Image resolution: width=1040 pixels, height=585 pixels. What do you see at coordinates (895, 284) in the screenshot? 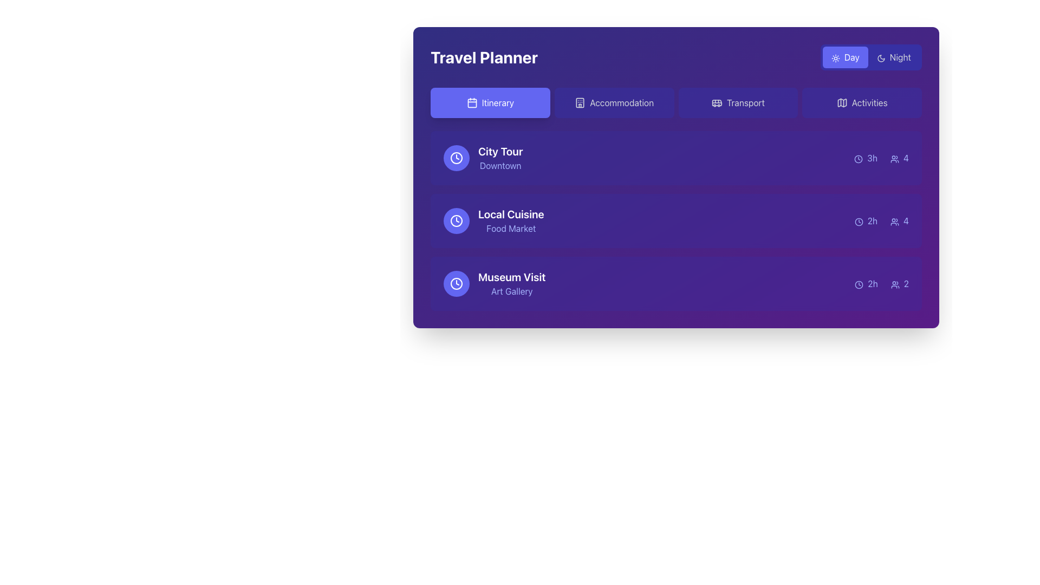
I see `the icon representing user participants associated with the 'Museum Visit' itinerary item, located at the bottom right of the third item in the list, next to the count '2'` at bounding box center [895, 284].